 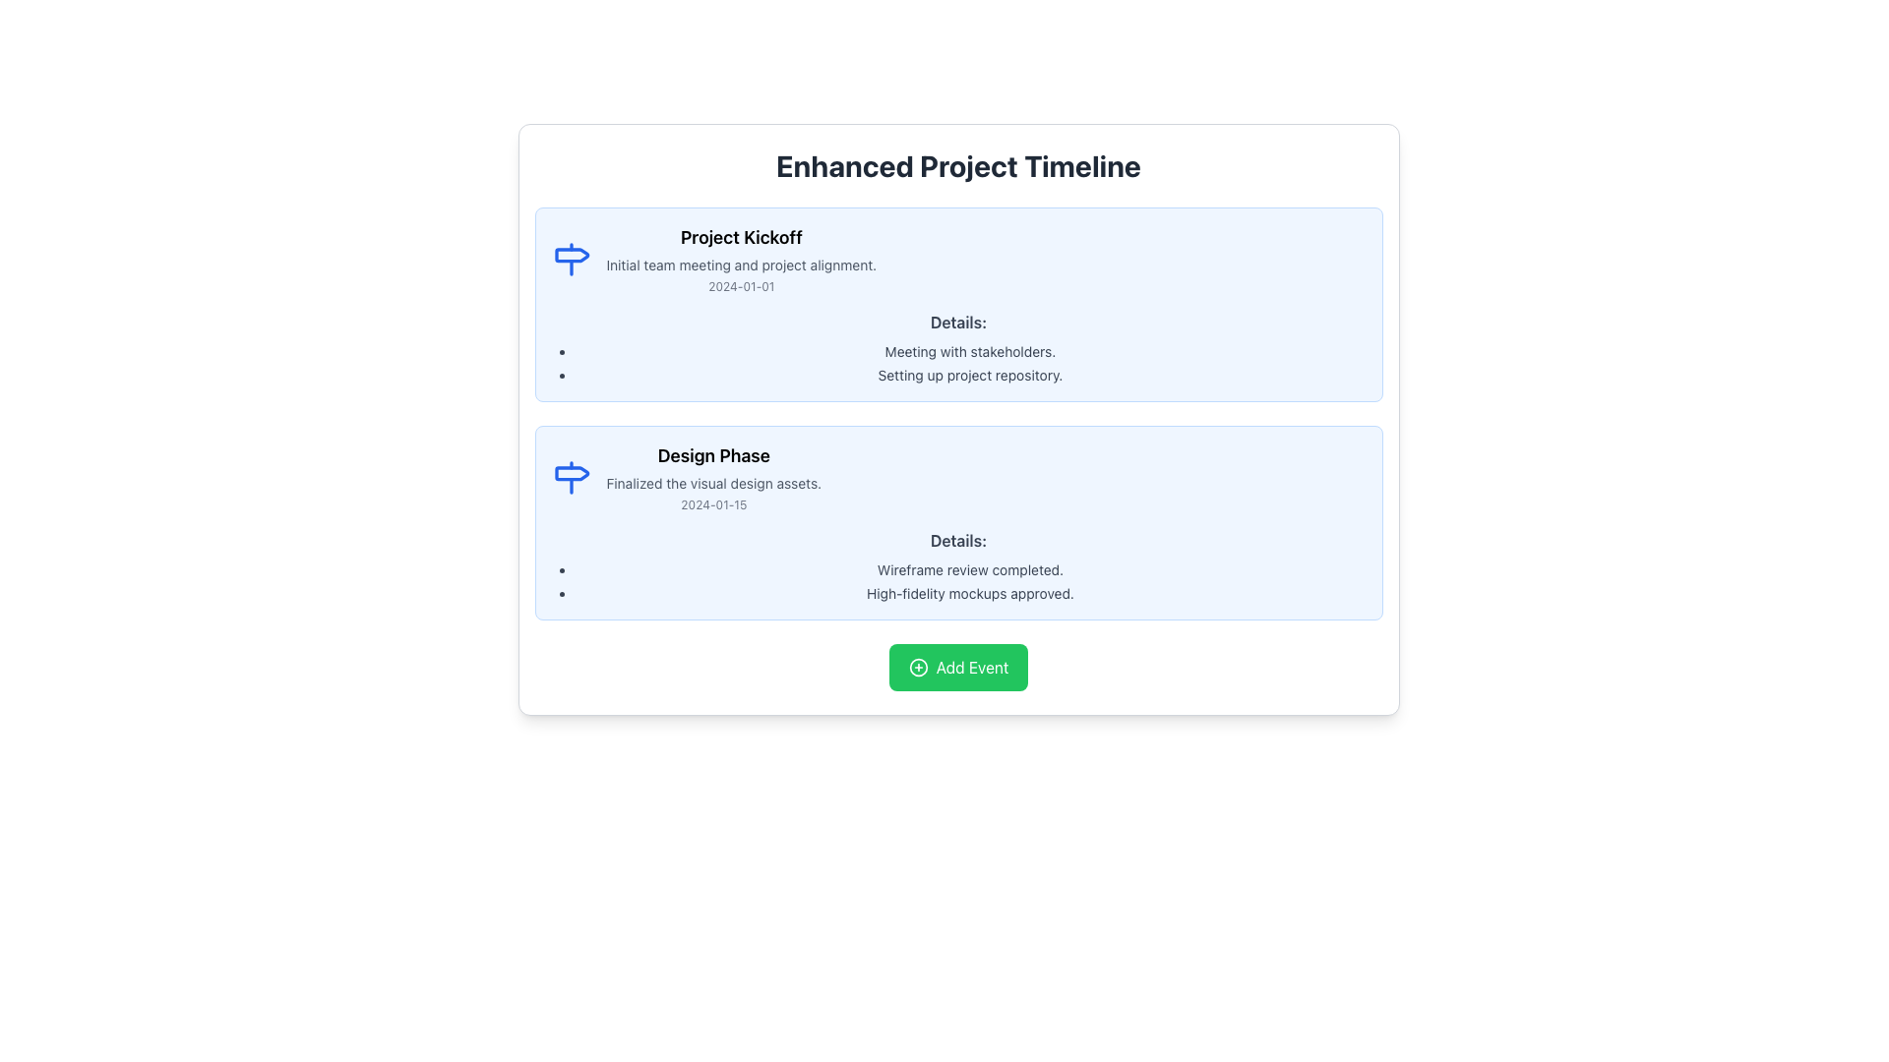 I want to click on the completion date of the second timeline entry, so click(x=958, y=478).